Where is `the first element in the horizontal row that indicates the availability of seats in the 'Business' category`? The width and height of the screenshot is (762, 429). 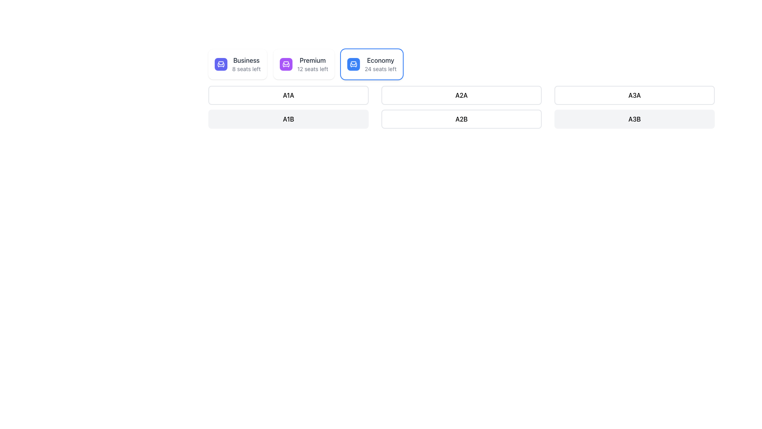 the first element in the horizontal row that indicates the availability of seats in the 'Business' category is located at coordinates (237, 64).